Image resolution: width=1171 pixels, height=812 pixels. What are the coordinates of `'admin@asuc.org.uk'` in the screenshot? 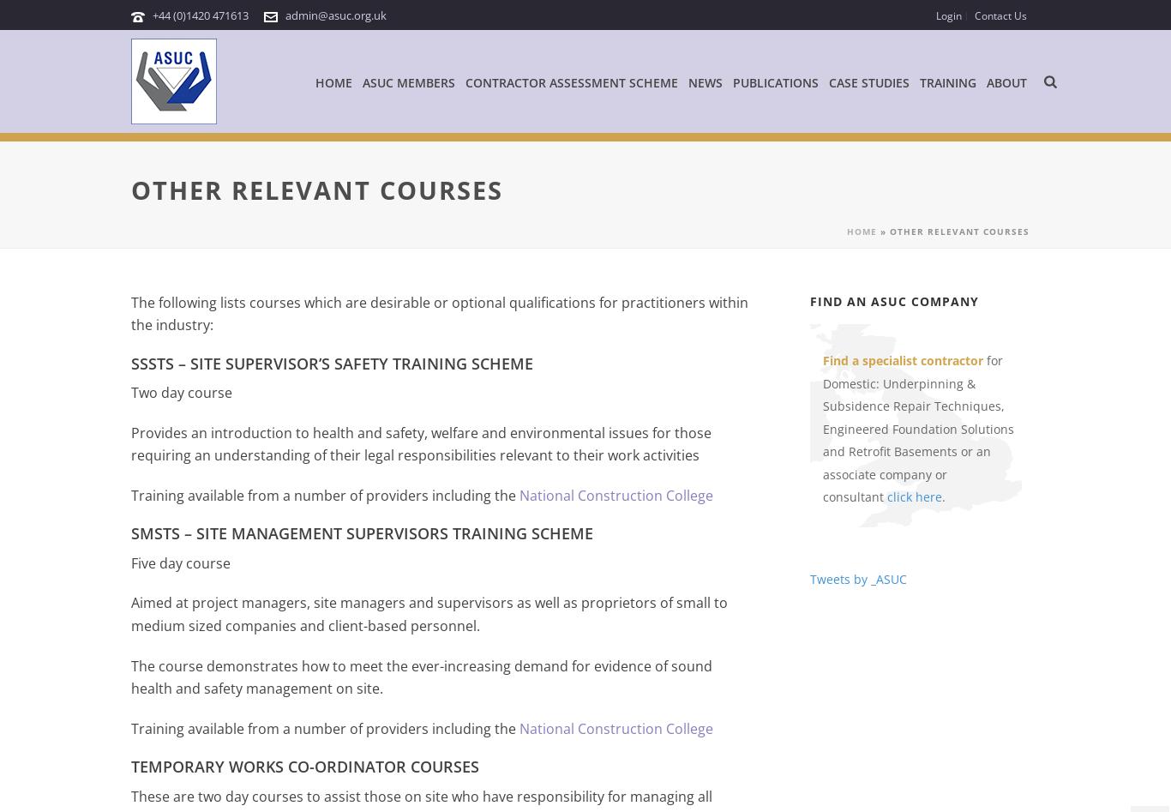 It's located at (335, 15).